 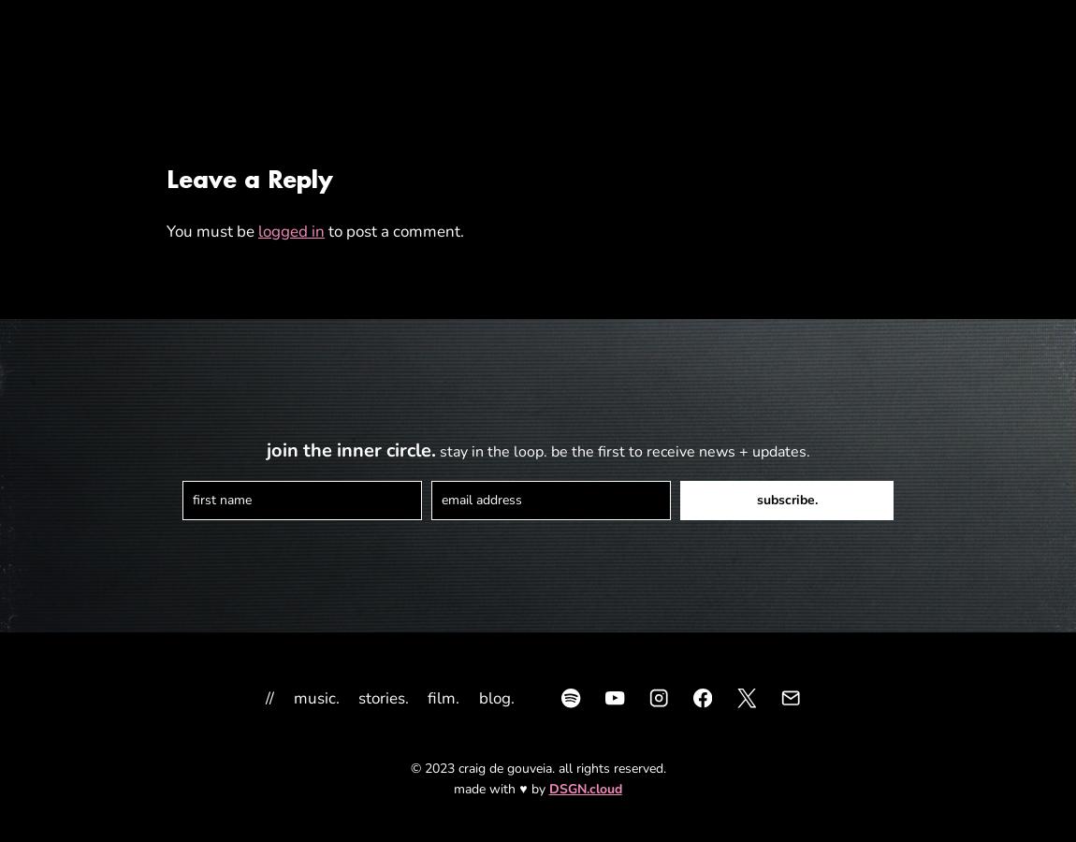 What do you see at coordinates (453, 789) in the screenshot?
I see `'made with ♥ by'` at bounding box center [453, 789].